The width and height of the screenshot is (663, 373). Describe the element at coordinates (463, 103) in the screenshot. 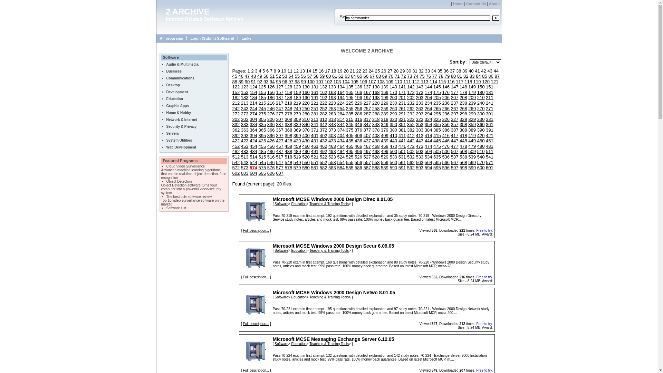

I see `'238'` at that location.